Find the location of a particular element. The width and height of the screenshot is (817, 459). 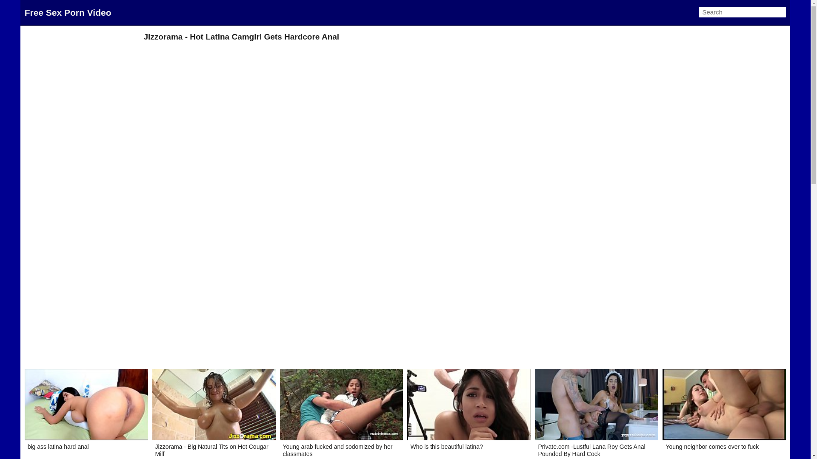

'Free Sex Porn Video' is located at coordinates (67, 12).